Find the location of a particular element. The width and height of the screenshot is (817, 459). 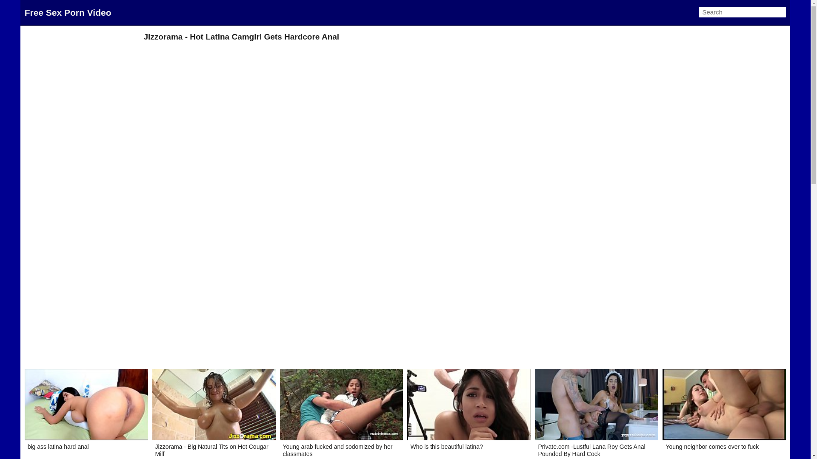

'Free Sex Porn Video' is located at coordinates (67, 12).